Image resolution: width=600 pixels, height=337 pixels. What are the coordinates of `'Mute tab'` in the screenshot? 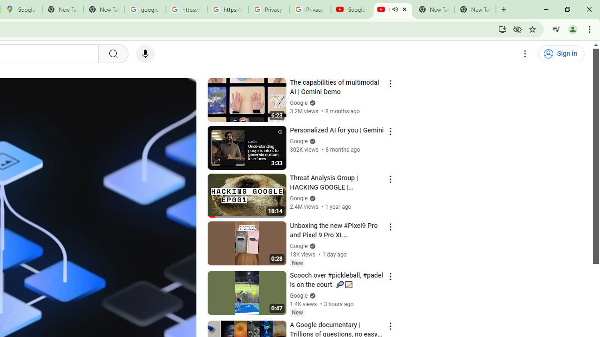 It's located at (395, 9).